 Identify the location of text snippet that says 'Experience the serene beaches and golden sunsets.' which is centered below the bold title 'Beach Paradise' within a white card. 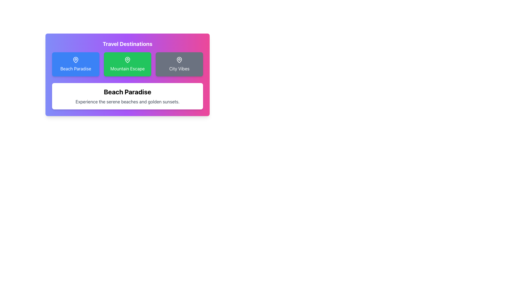
(127, 102).